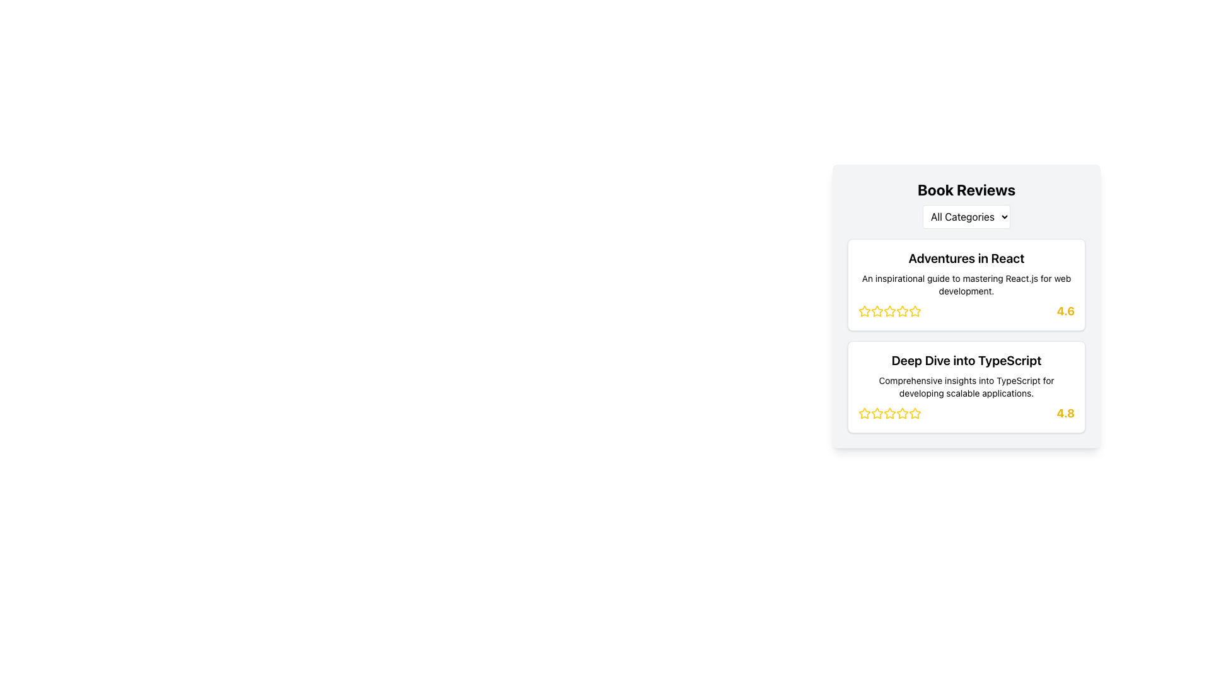  I want to click on the Information Card for the book titled 'Adventures in React', which is the first item in the vertical list of book review cards, so click(966, 284).